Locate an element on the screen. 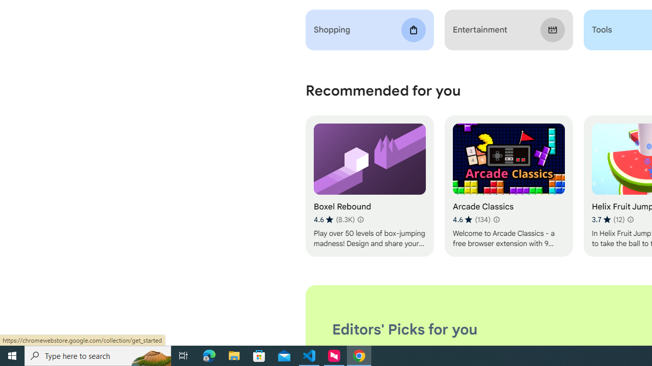  'Learn more about results and reviews "Arcade Classics"' is located at coordinates (496, 219).